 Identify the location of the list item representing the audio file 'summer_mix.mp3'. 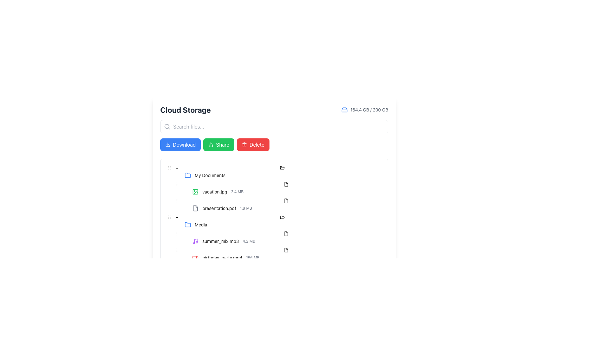
(286, 237).